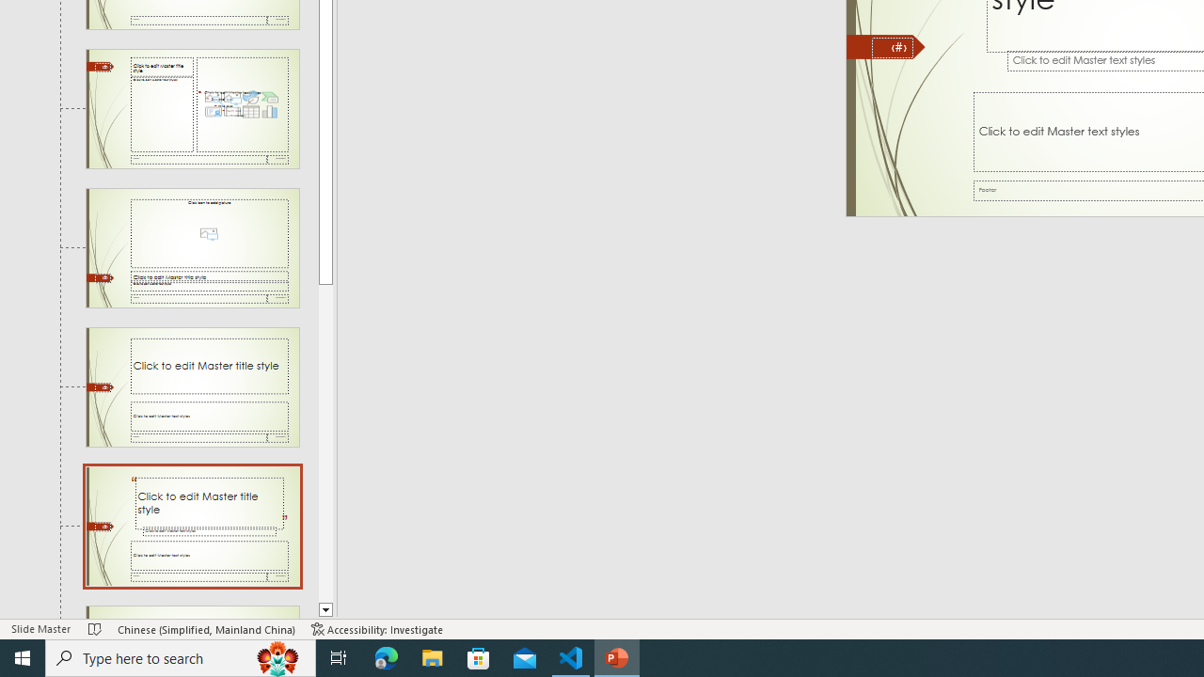  Describe the element at coordinates (885, 46) in the screenshot. I see `'Freeform 11'` at that location.